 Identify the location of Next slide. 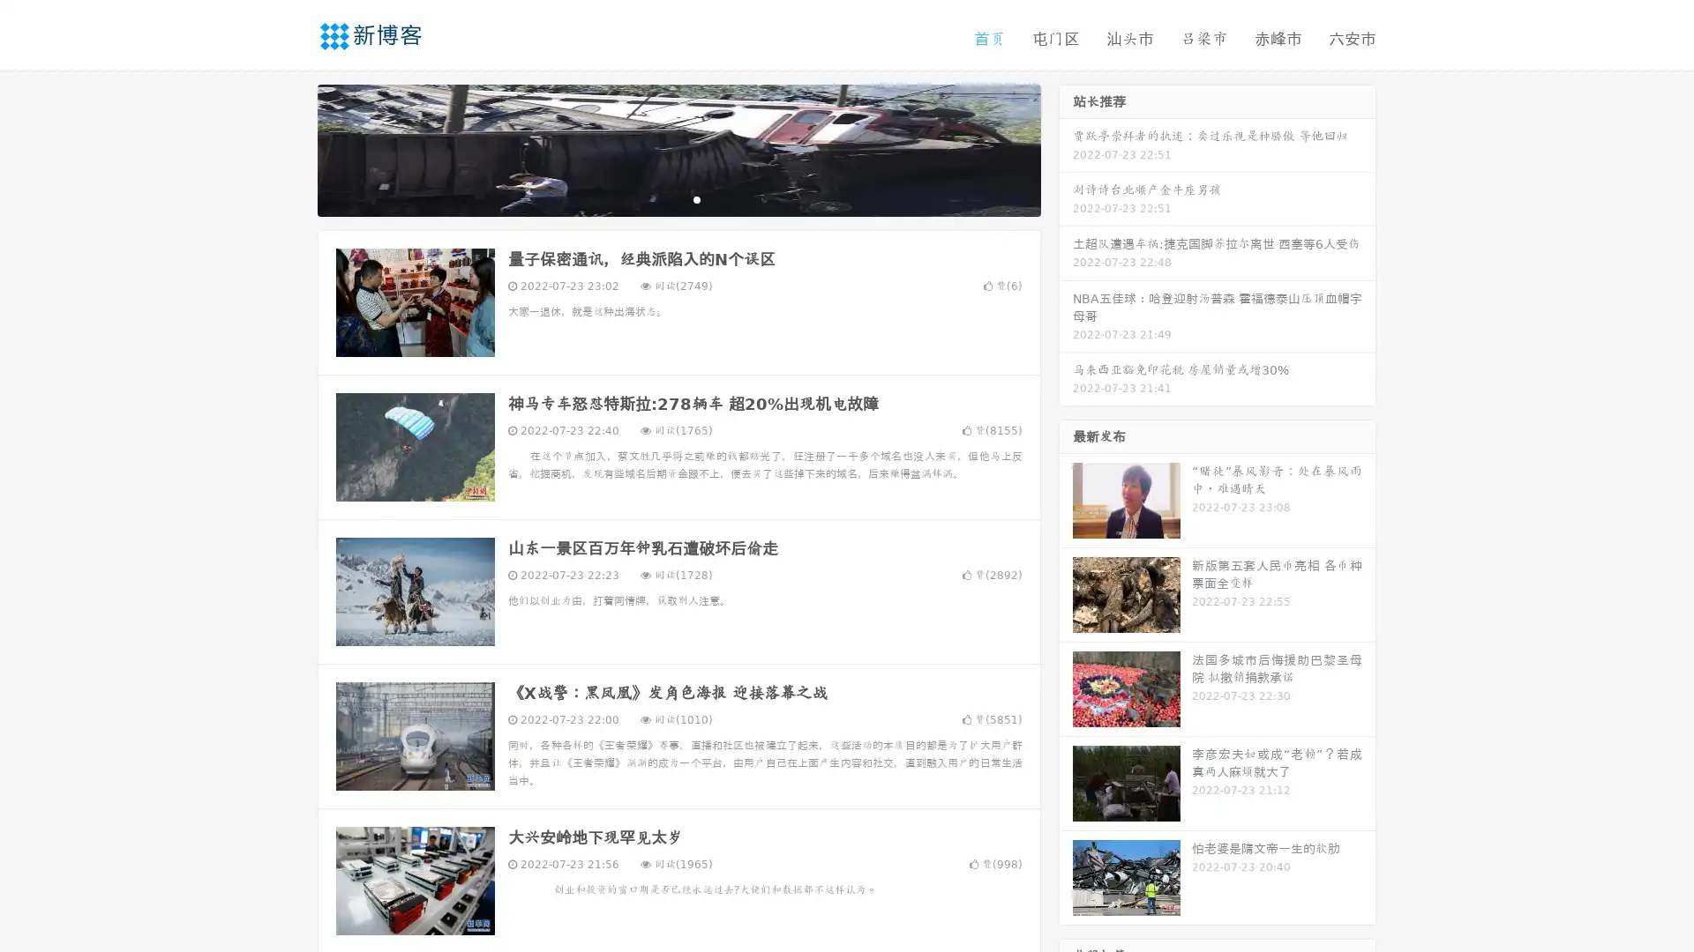
(1066, 148).